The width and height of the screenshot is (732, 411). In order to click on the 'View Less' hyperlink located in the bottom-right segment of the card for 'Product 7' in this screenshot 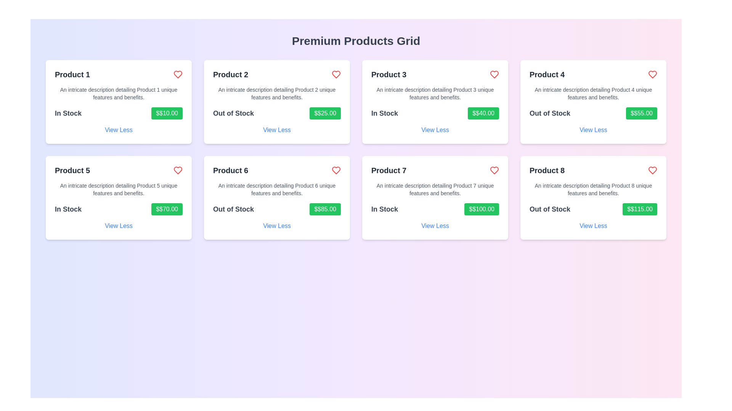, I will do `click(435, 226)`.